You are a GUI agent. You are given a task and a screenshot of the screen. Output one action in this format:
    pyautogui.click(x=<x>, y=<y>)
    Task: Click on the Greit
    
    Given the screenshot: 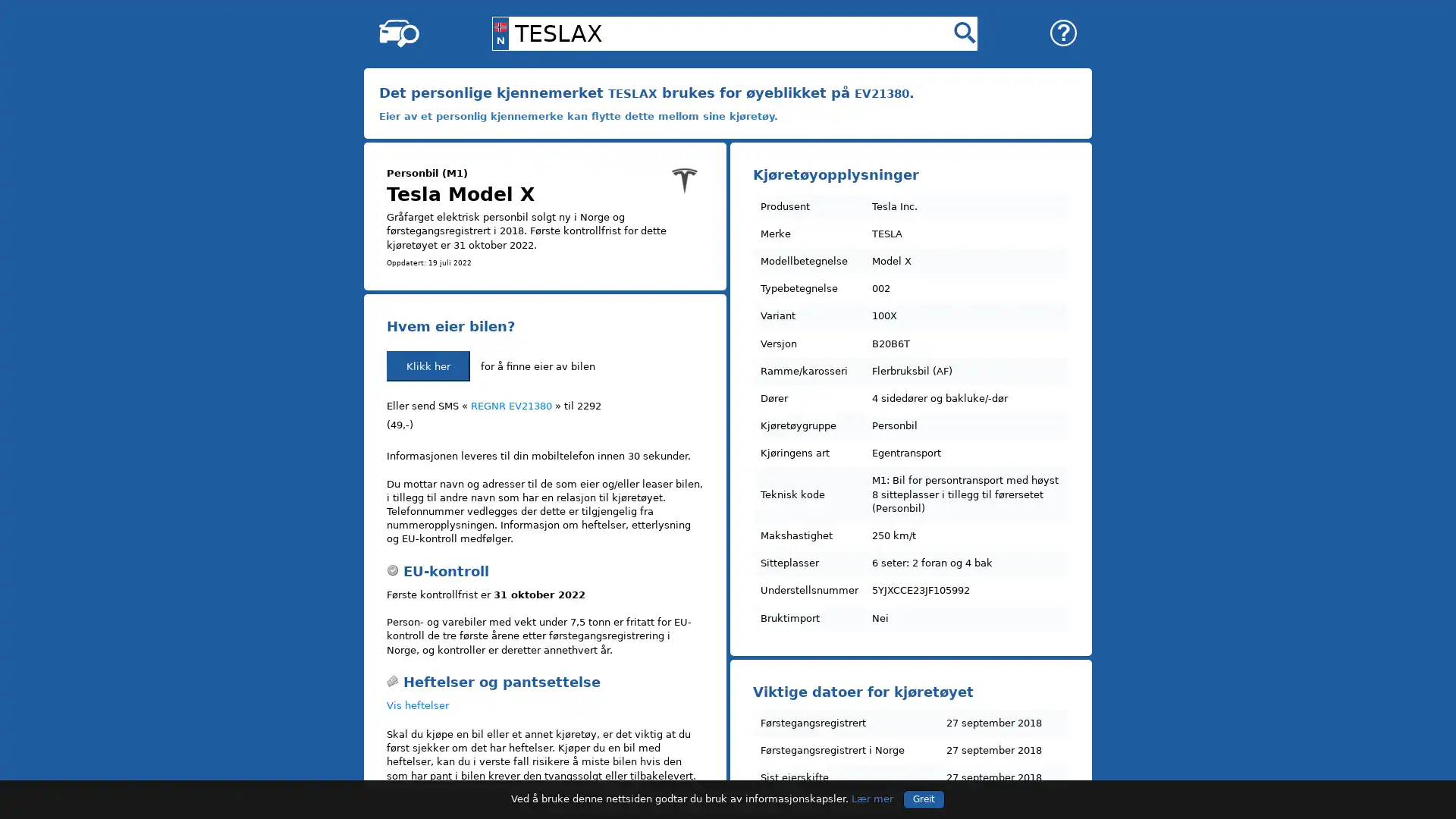 What is the action you would take?
    pyautogui.click(x=923, y=798)
    